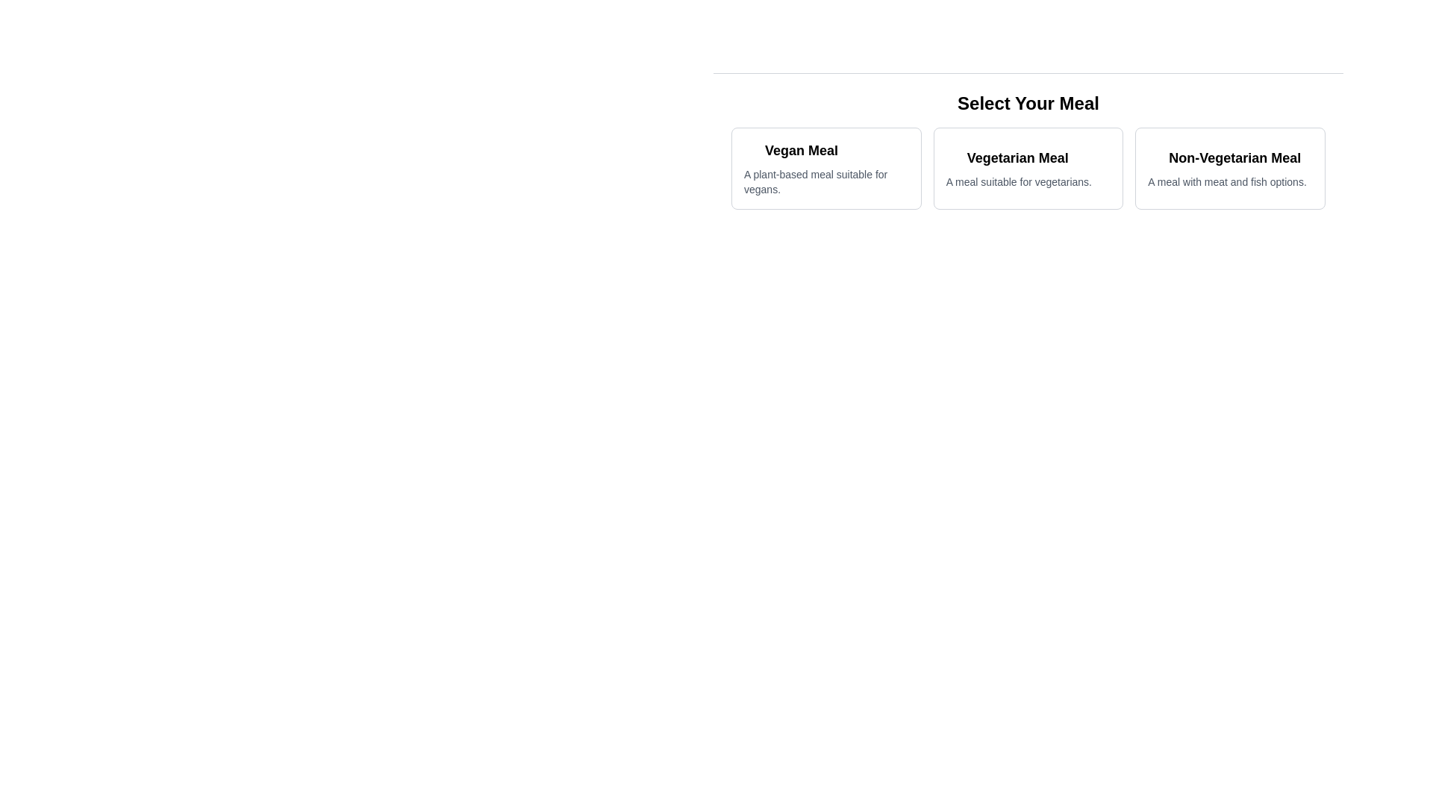  Describe the element at coordinates (1230, 181) in the screenshot. I see `the descriptive text element that provides additional information about the 'Non-Vegetarian Meal' option, located beneath its title in the third box of meal options` at that location.